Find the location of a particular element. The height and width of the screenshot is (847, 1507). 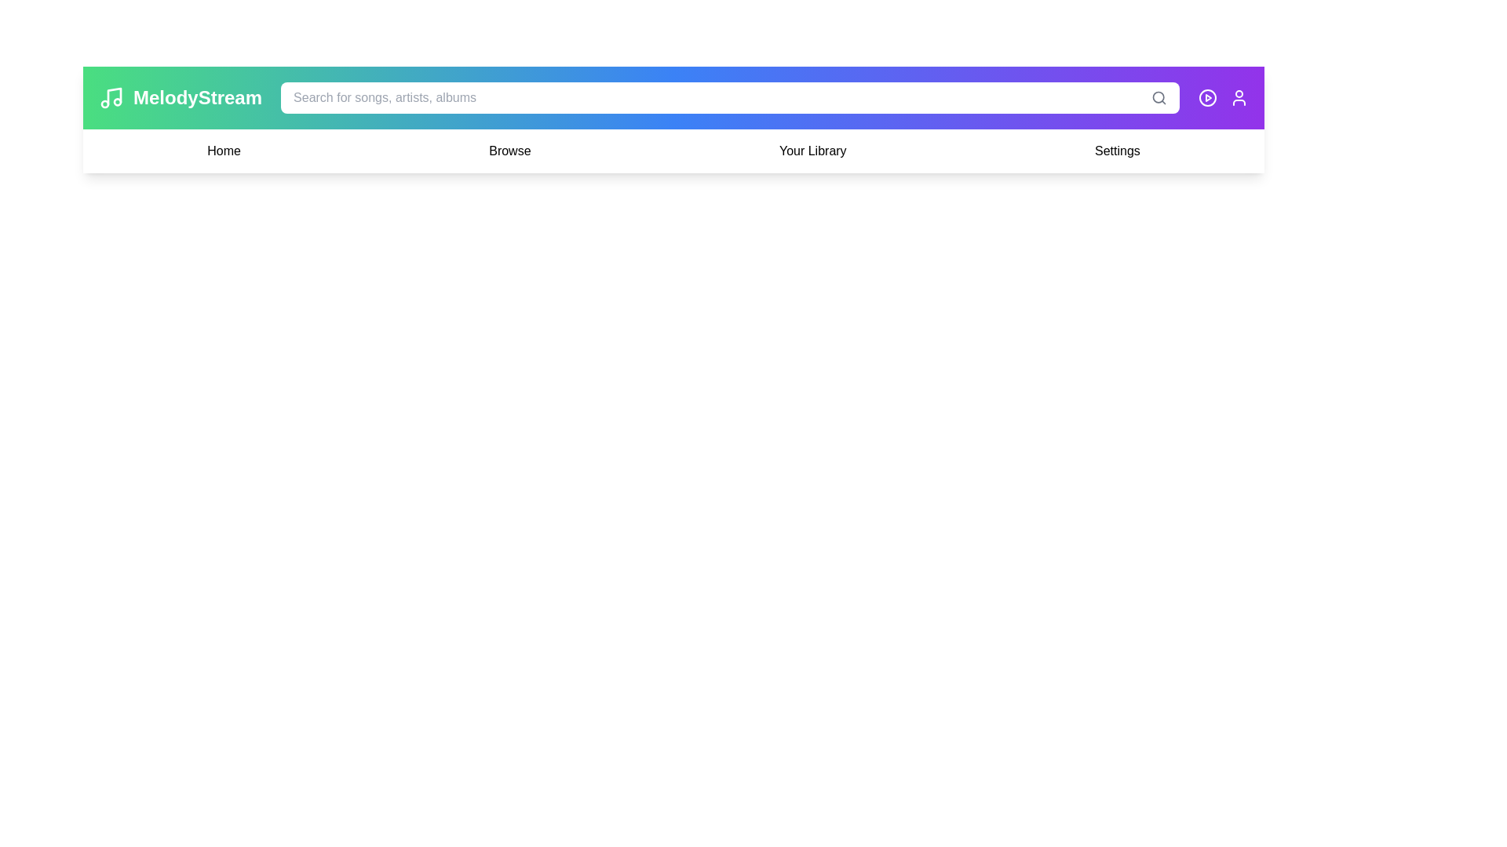

the Settings text label to navigate or trigger the associated action is located at coordinates (1116, 151).